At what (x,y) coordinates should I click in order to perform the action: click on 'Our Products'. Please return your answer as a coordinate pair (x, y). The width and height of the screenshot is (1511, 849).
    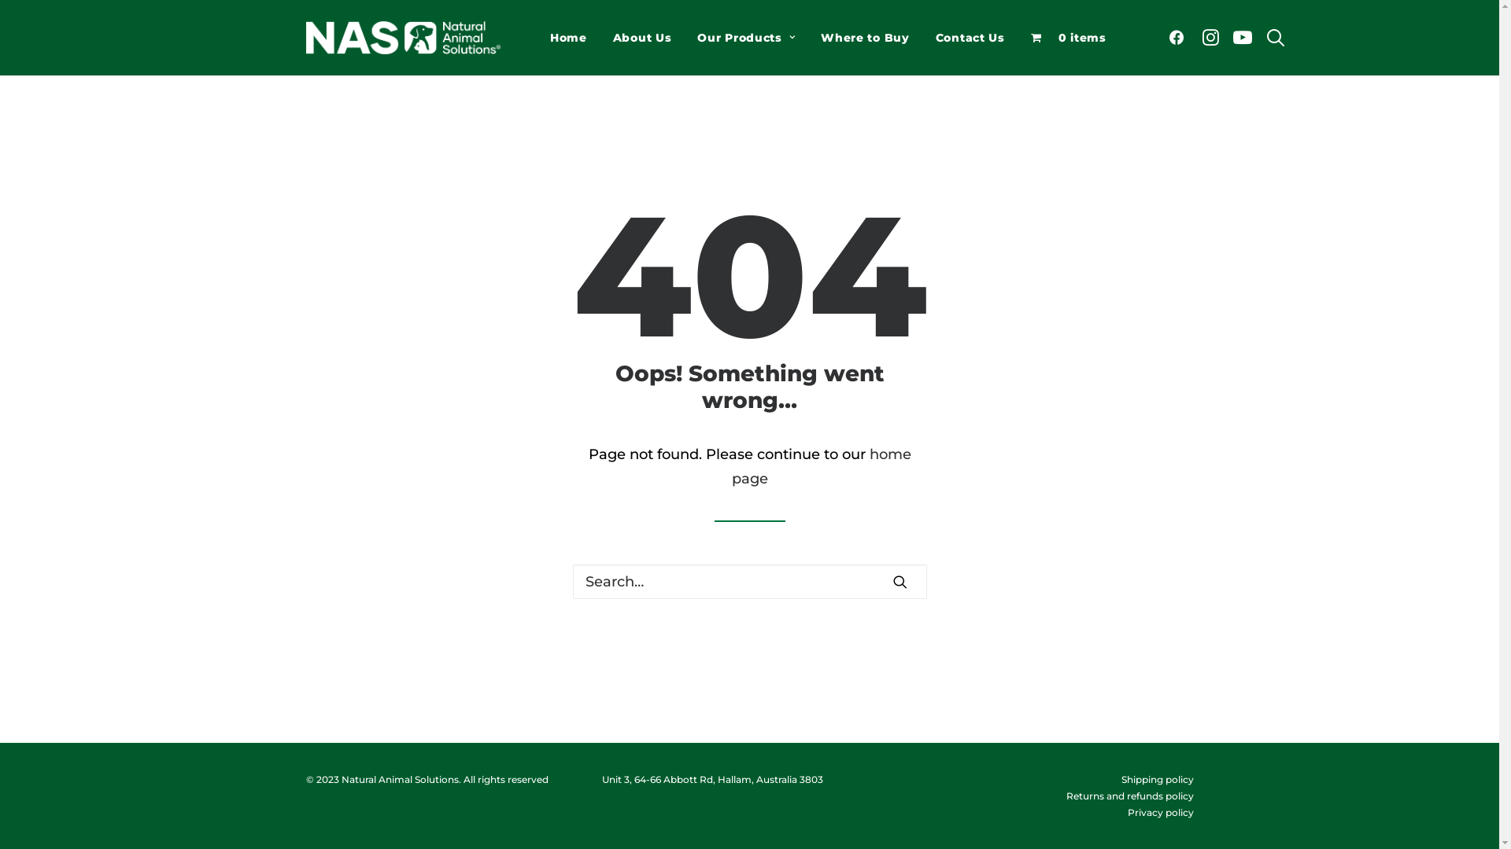
    Looking at the image, I should click on (745, 36).